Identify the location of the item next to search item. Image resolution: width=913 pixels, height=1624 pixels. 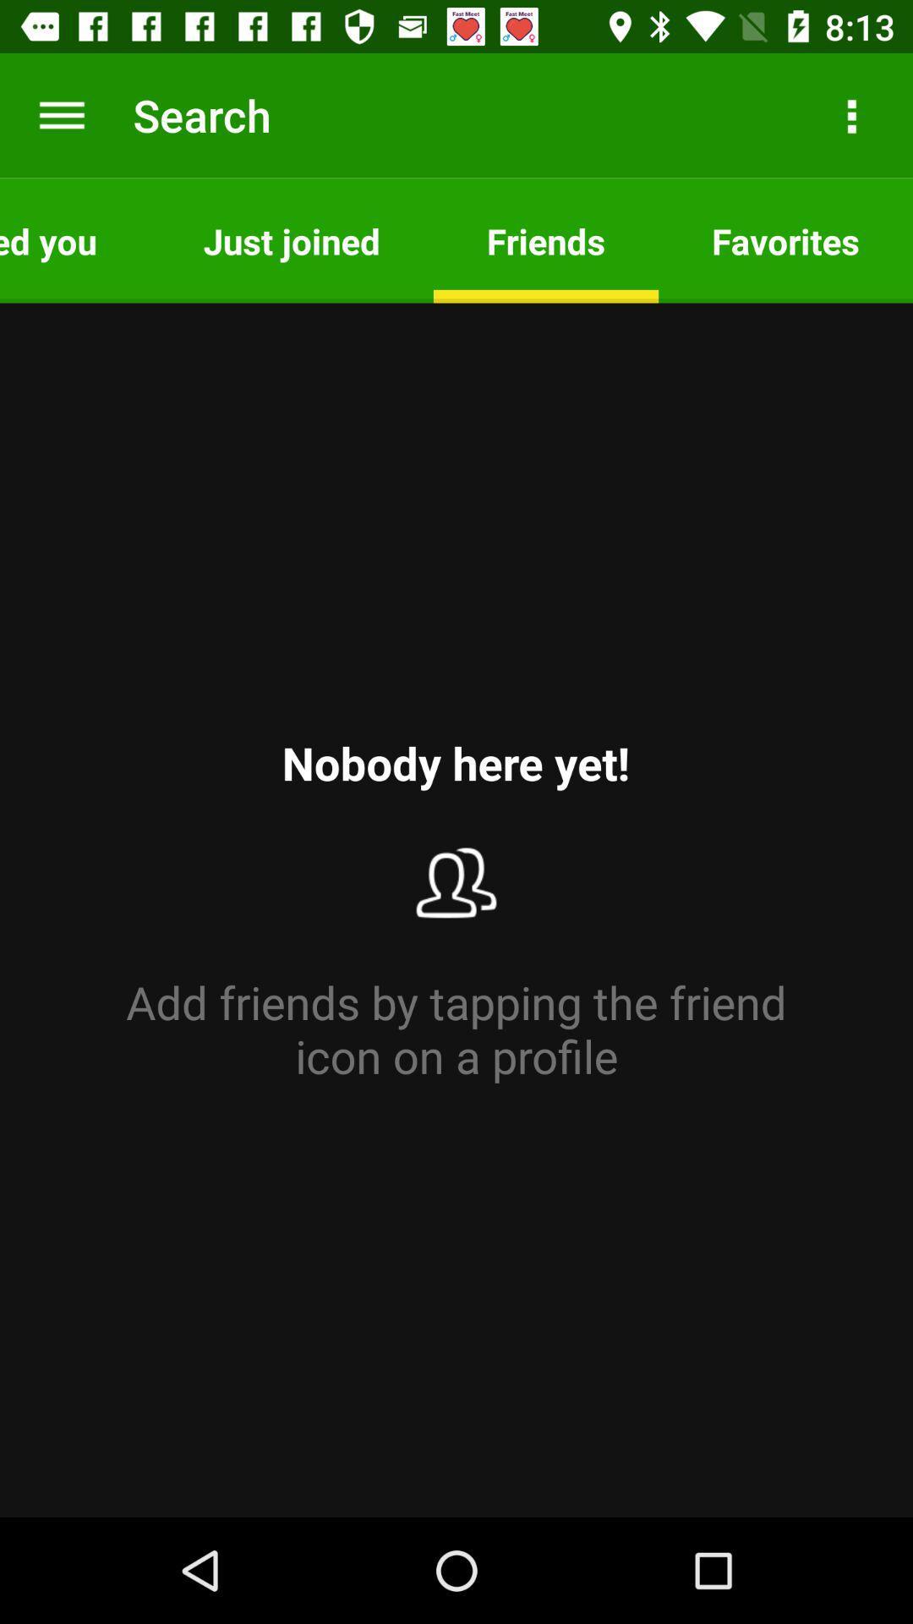
(61, 114).